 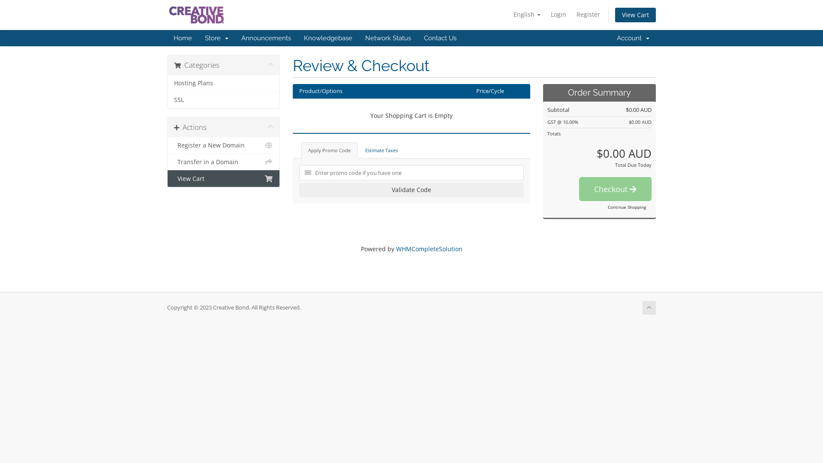 I want to click on 'View Cart', so click(x=635, y=15).